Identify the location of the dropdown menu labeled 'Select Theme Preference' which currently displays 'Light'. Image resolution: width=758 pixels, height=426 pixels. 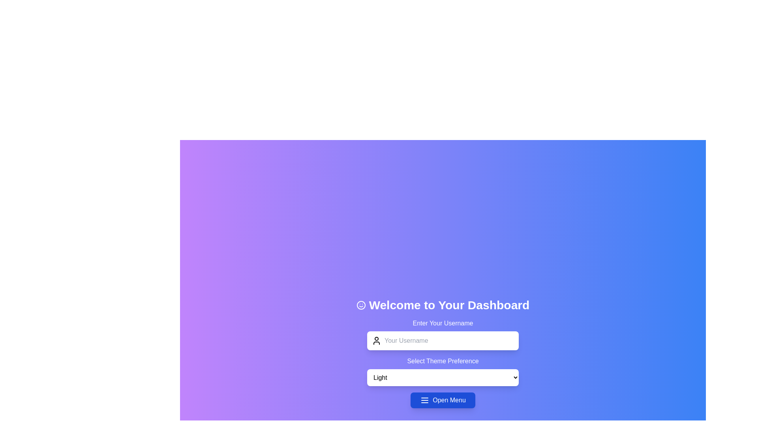
(443, 371).